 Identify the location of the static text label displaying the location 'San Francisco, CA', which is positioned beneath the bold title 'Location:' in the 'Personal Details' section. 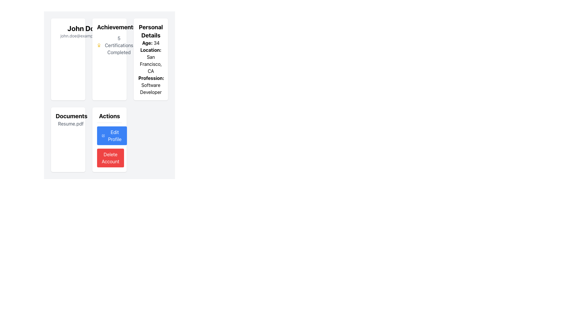
(151, 61).